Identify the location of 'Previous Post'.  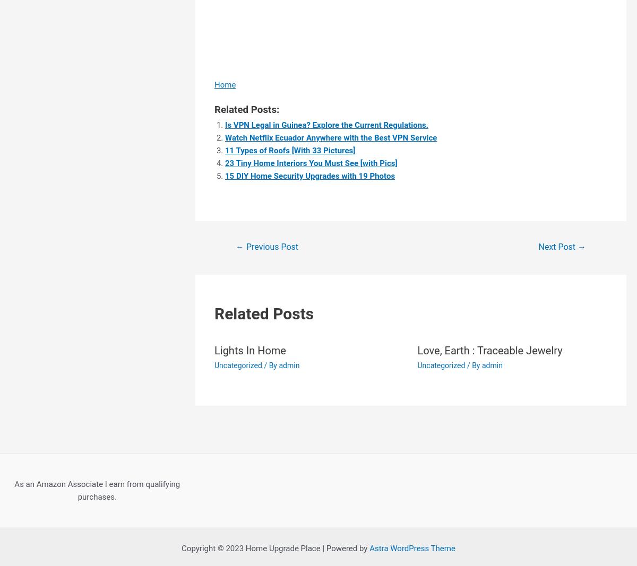
(270, 246).